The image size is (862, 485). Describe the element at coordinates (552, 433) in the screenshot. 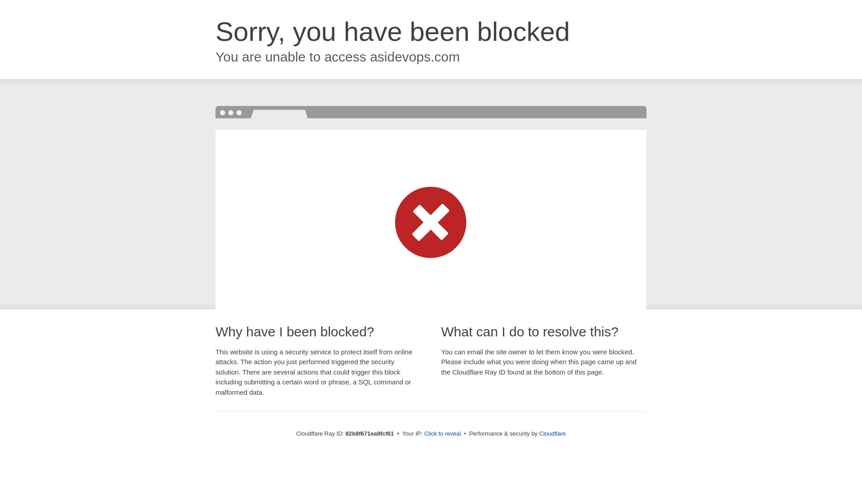

I see `'Cloudflare'` at that location.